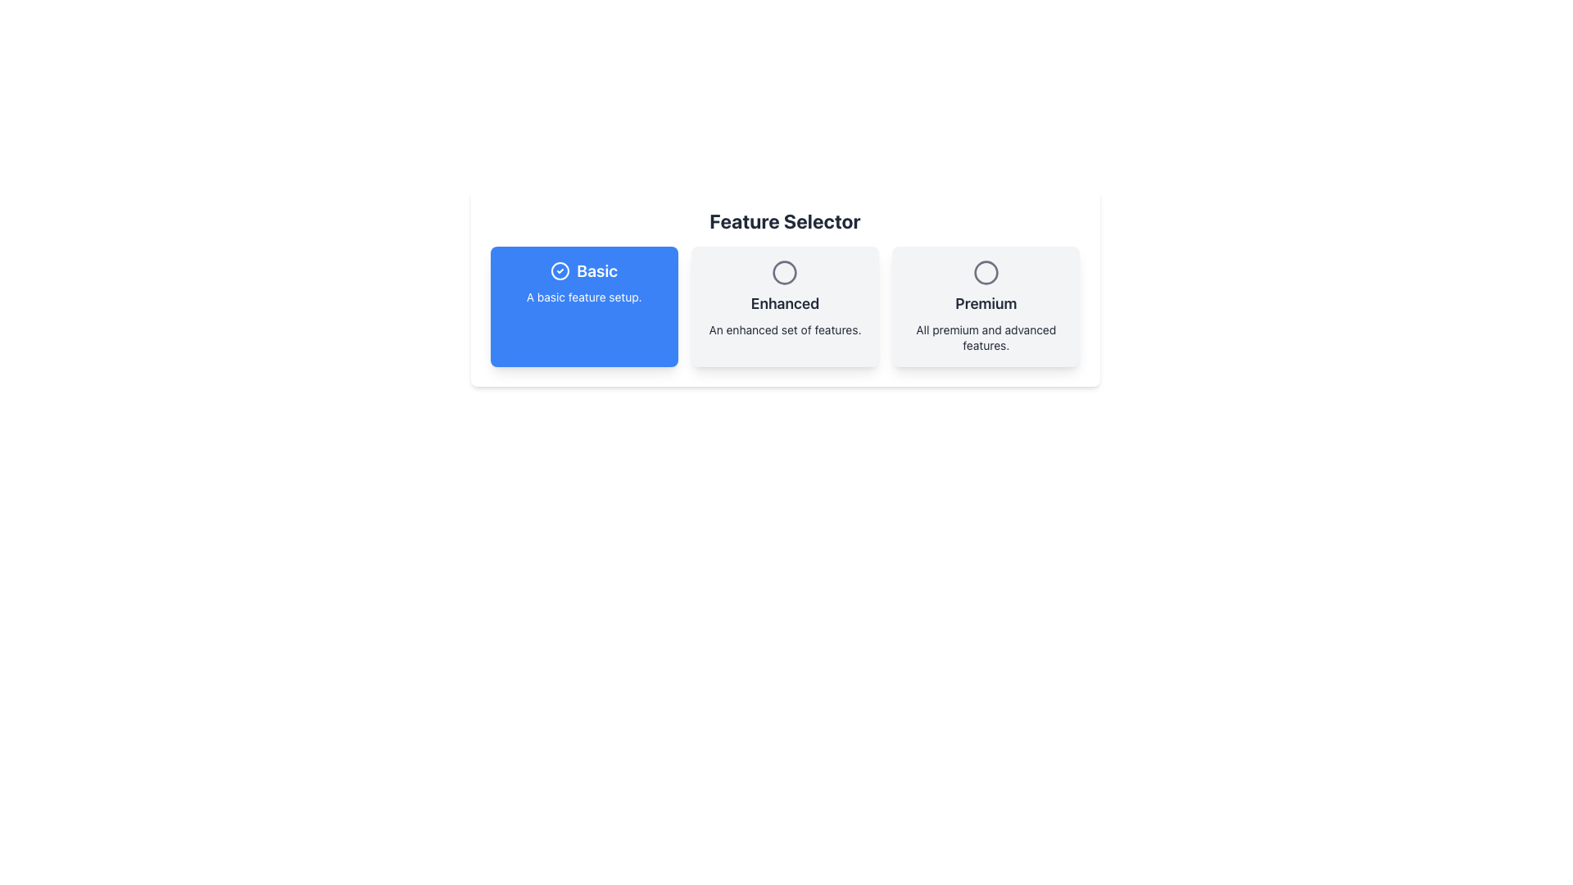 This screenshot has width=1573, height=885. Describe the element at coordinates (596, 270) in the screenshot. I see `the Text Label that indicates the 'Basic' selection option, which is centrally located within the blue card labeled 'Basic'` at that location.